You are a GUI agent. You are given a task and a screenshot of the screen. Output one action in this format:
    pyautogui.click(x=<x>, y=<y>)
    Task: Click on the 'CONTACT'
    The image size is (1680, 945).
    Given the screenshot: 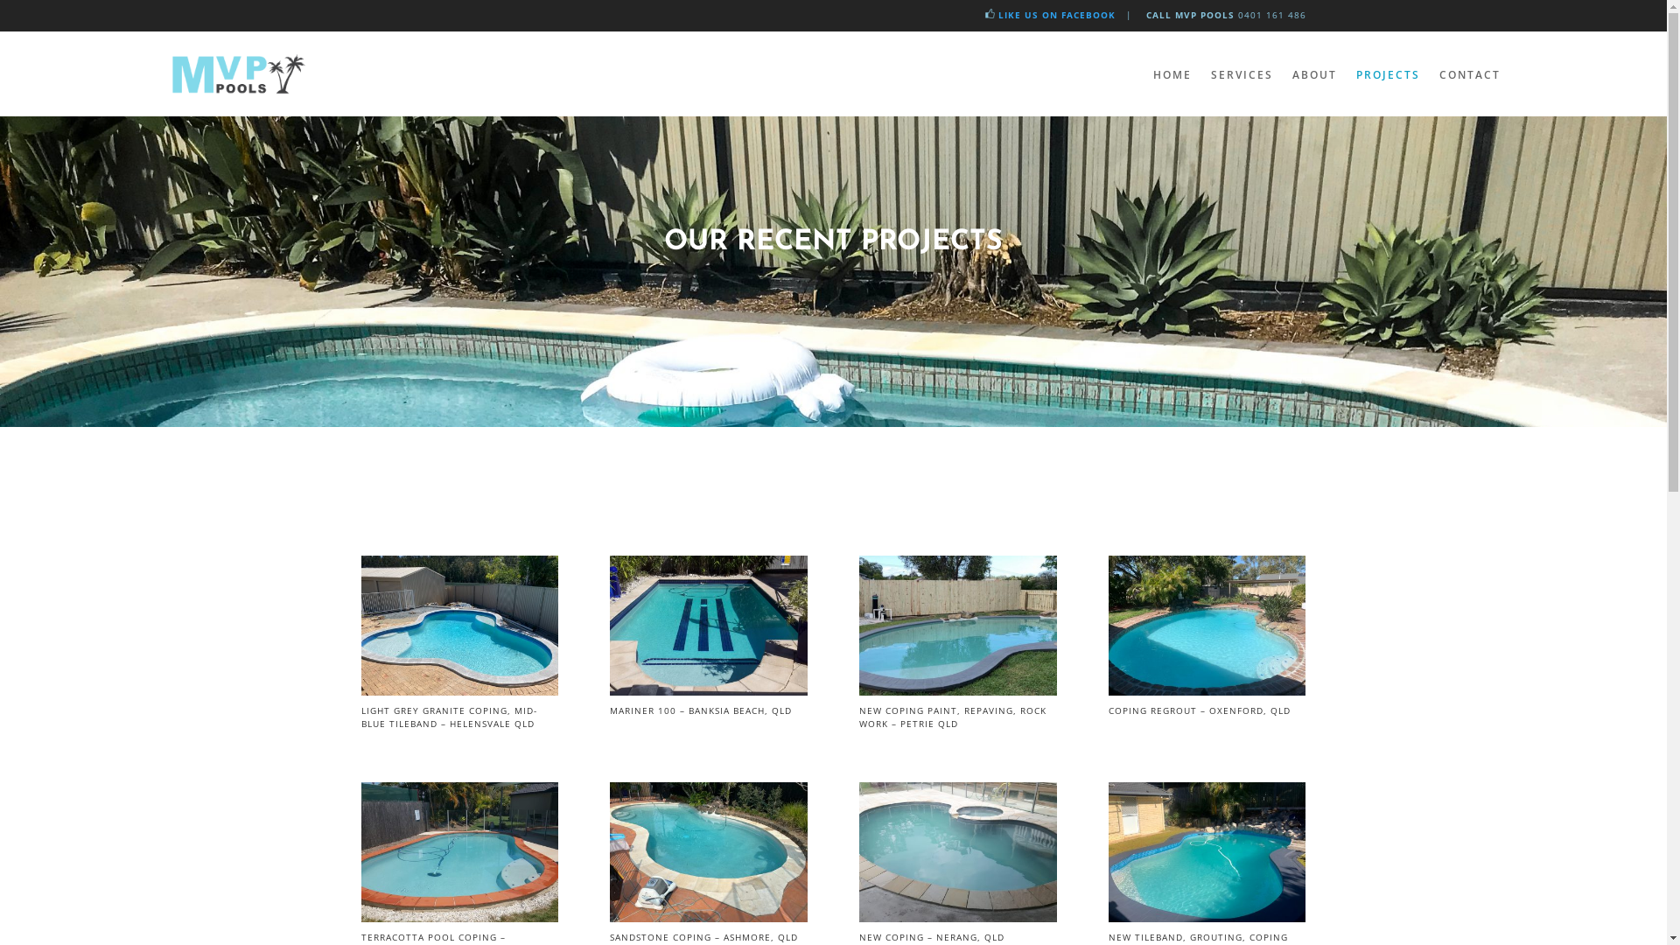 What is the action you would take?
    pyautogui.click(x=1469, y=73)
    